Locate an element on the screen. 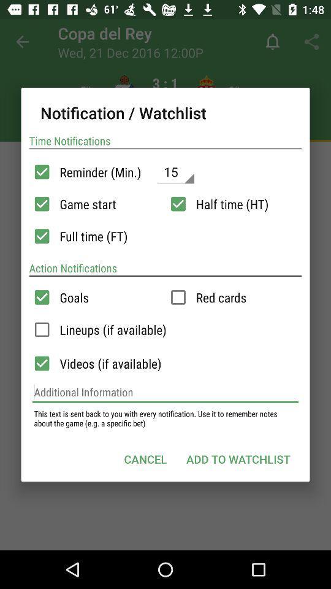 Image resolution: width=331 pixels, height=589 pixels. red cards notification is located at coordinates (178, 296).